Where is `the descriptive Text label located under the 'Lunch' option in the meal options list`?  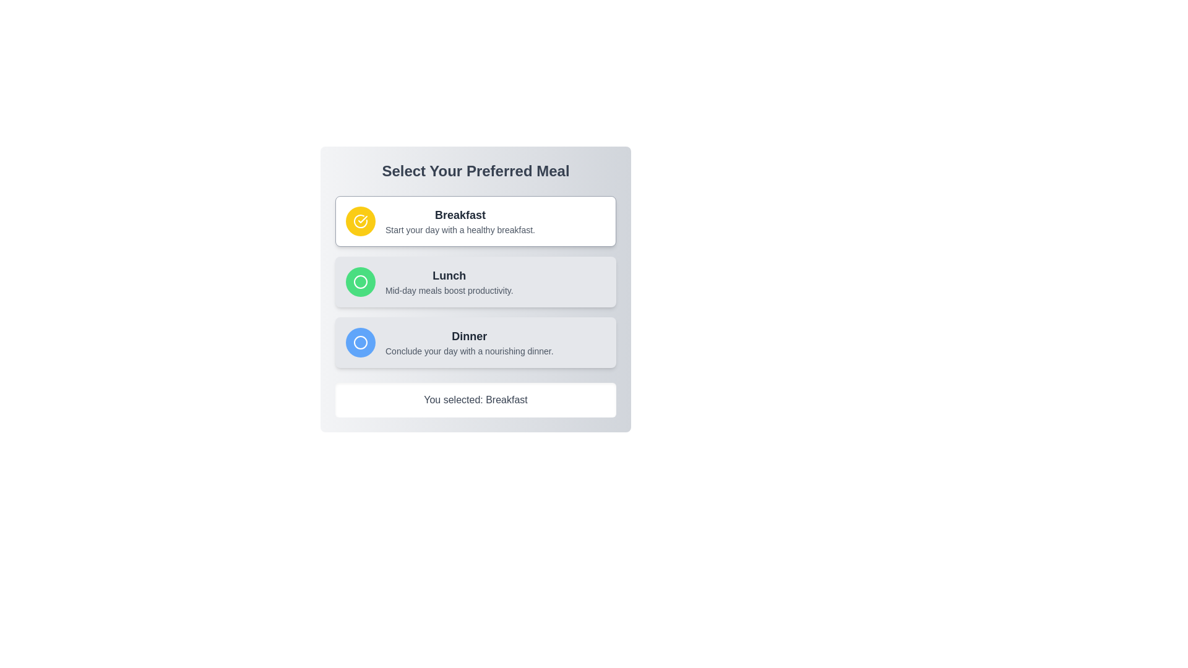 the descriptive Text label located under the 'Lunch' option in the meal options list is located at coordinates (449, 291).